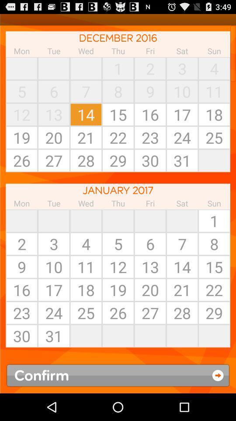 This screenshot has height=421, width=236. I want to click on icon below the fri item, so click(182, 220).